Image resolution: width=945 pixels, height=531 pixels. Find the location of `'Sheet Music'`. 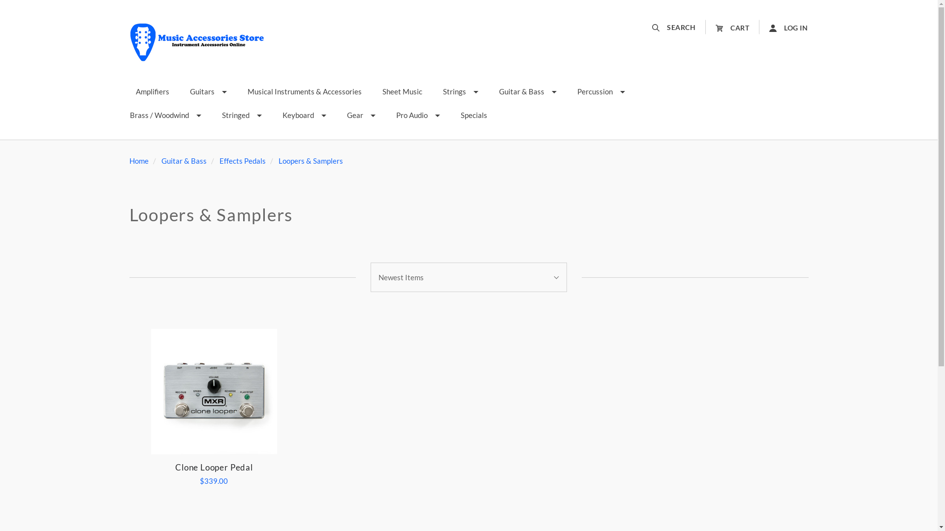

'Sheet Music' is located at coordinates (402, 91).